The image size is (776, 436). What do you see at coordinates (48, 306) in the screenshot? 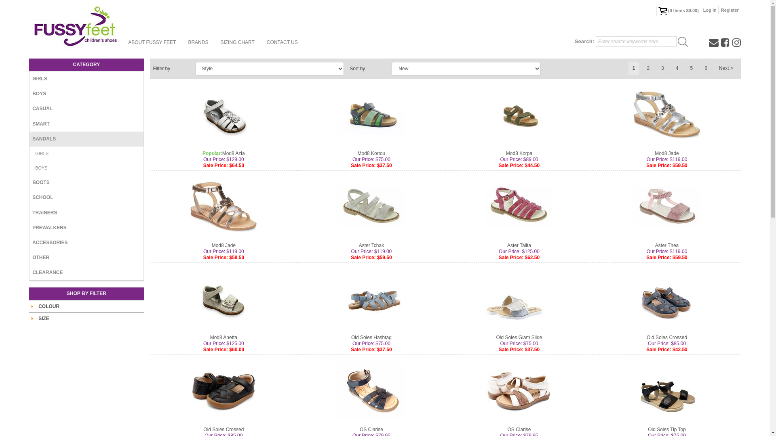
I see `'COLOUR'` at bounding box center [48, 306].